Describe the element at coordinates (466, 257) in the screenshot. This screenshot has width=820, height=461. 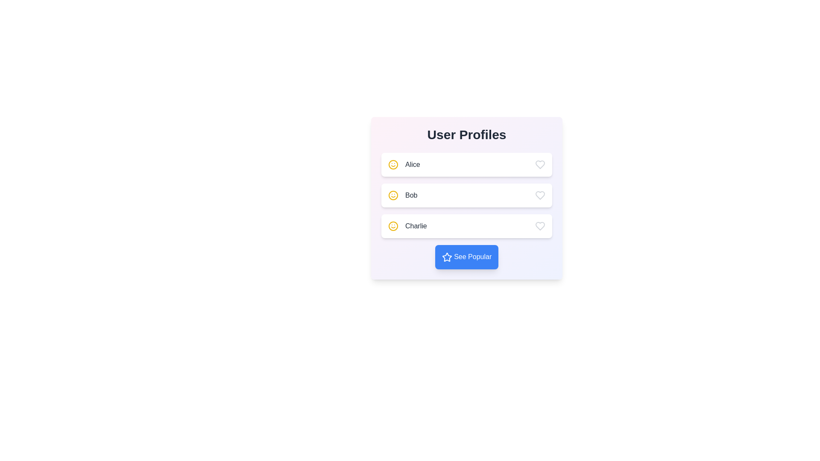
I see `the button located at the bottom of the 'User Profiles' card` at that location.